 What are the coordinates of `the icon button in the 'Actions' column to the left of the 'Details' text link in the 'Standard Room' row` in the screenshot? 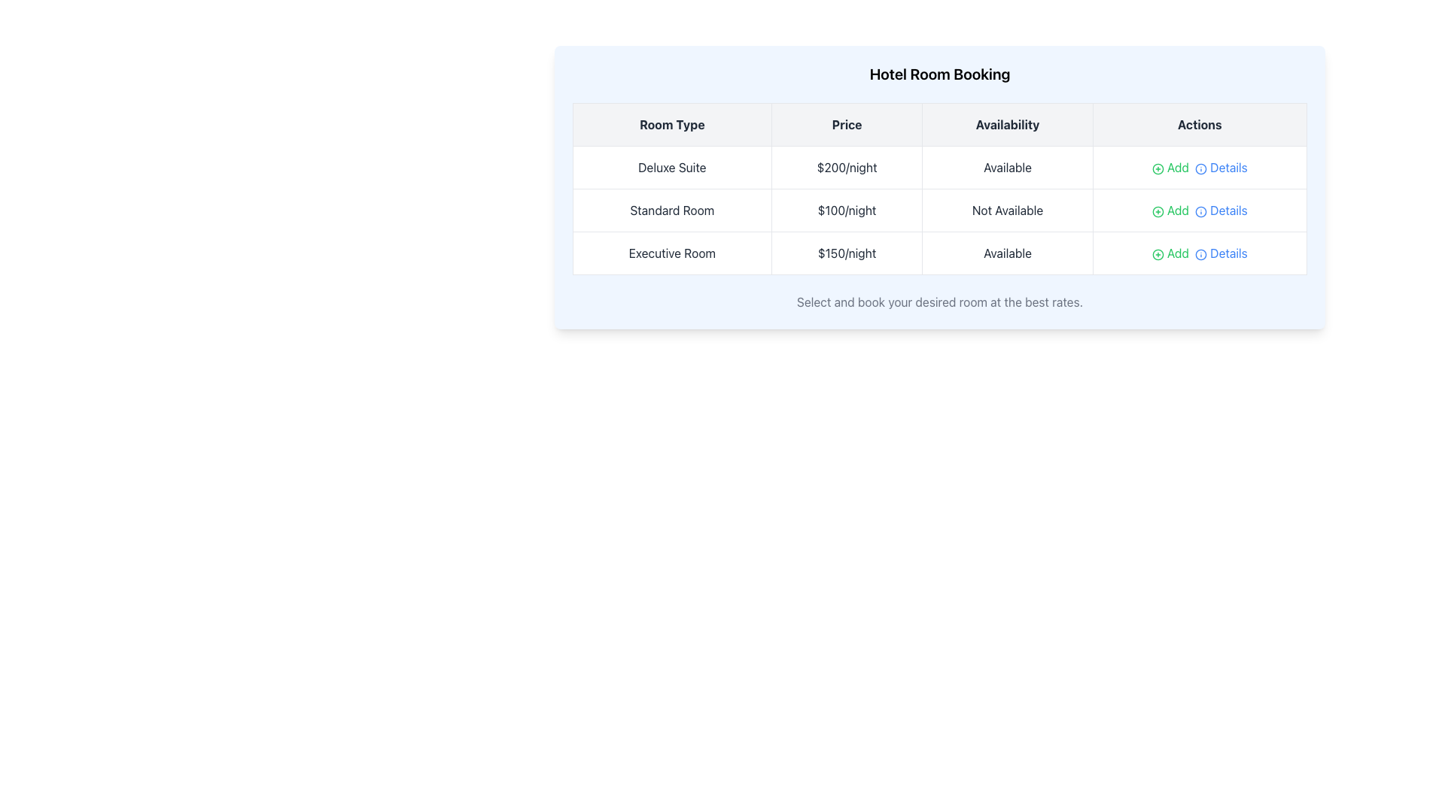 It's located at (1157, 211).